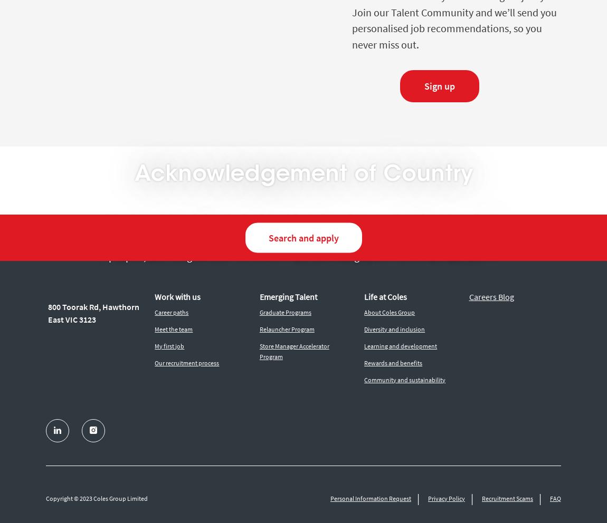  Describe the element at coordinates (388, 311) in the screenshot. I see `'About Coles Group'` at that location.